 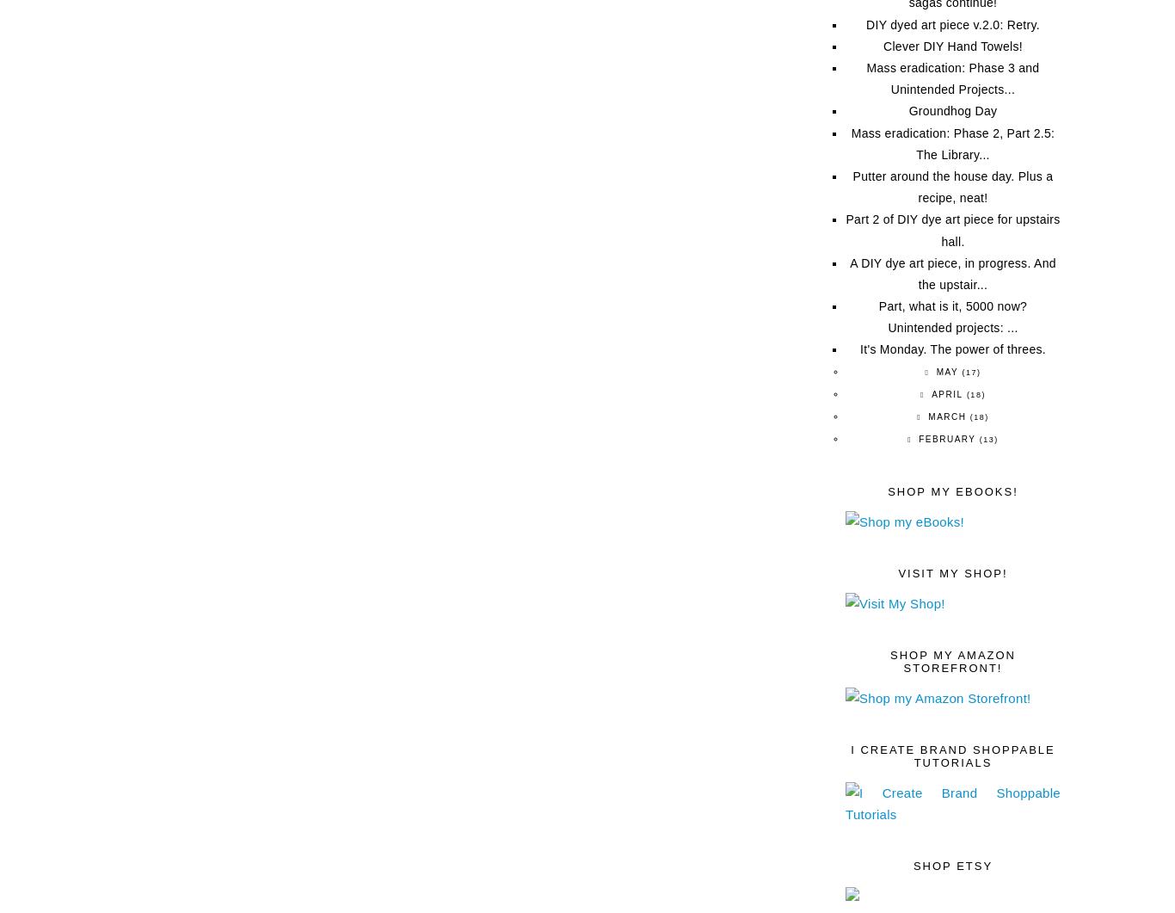 What do you see at coordinates (951, 571) in the screenshot?
I see `'Visit My Shop!'` at bounding box center [951, 571].